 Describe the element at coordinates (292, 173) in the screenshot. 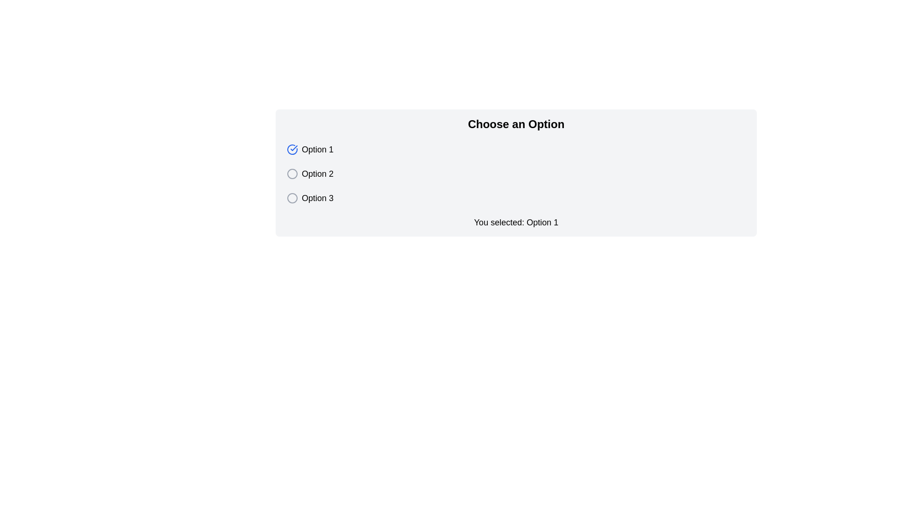

I see `the radio button indicator icon for 'Option 2', which is positioned to the left of the text label 'Option 2'` at that location.